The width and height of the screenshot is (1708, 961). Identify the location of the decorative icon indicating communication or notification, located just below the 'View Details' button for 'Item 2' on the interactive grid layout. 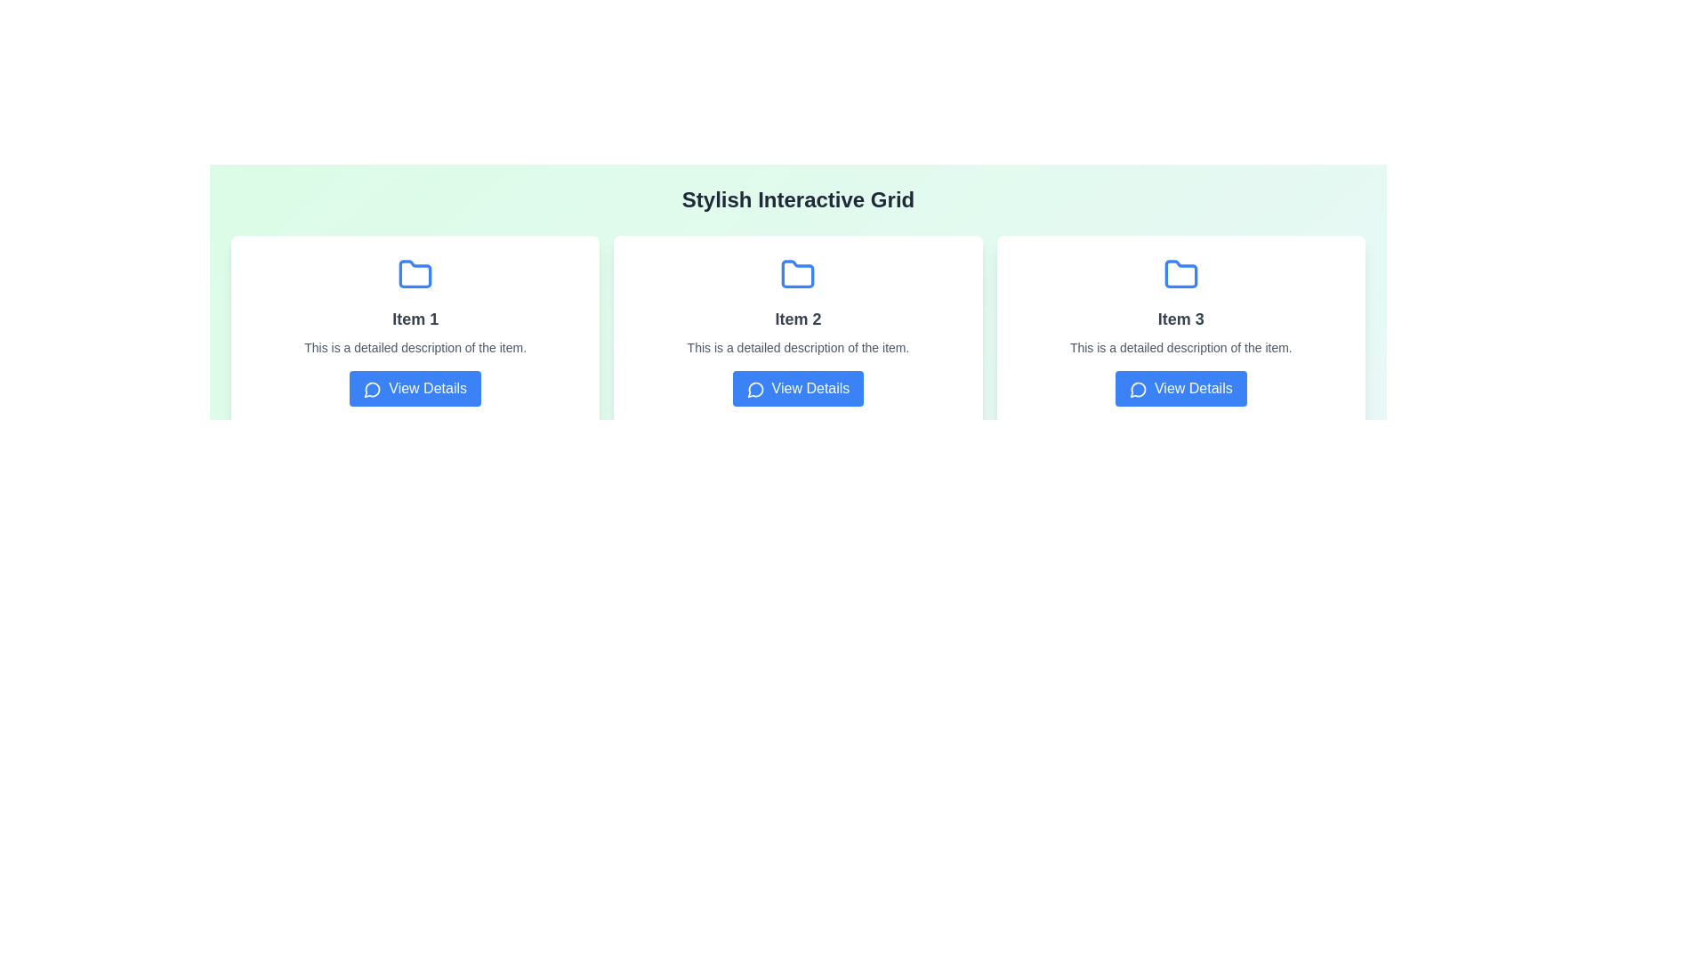
(755, 389).